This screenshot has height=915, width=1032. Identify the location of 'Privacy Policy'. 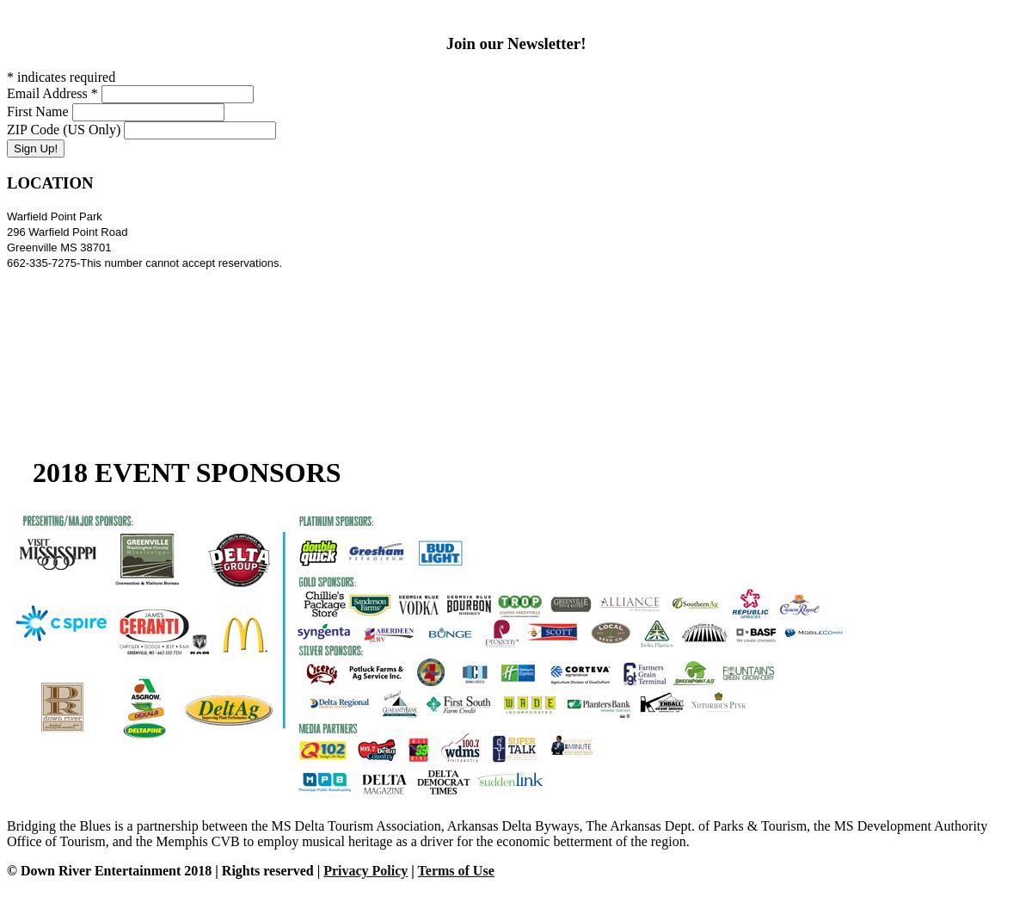
(365, 869).